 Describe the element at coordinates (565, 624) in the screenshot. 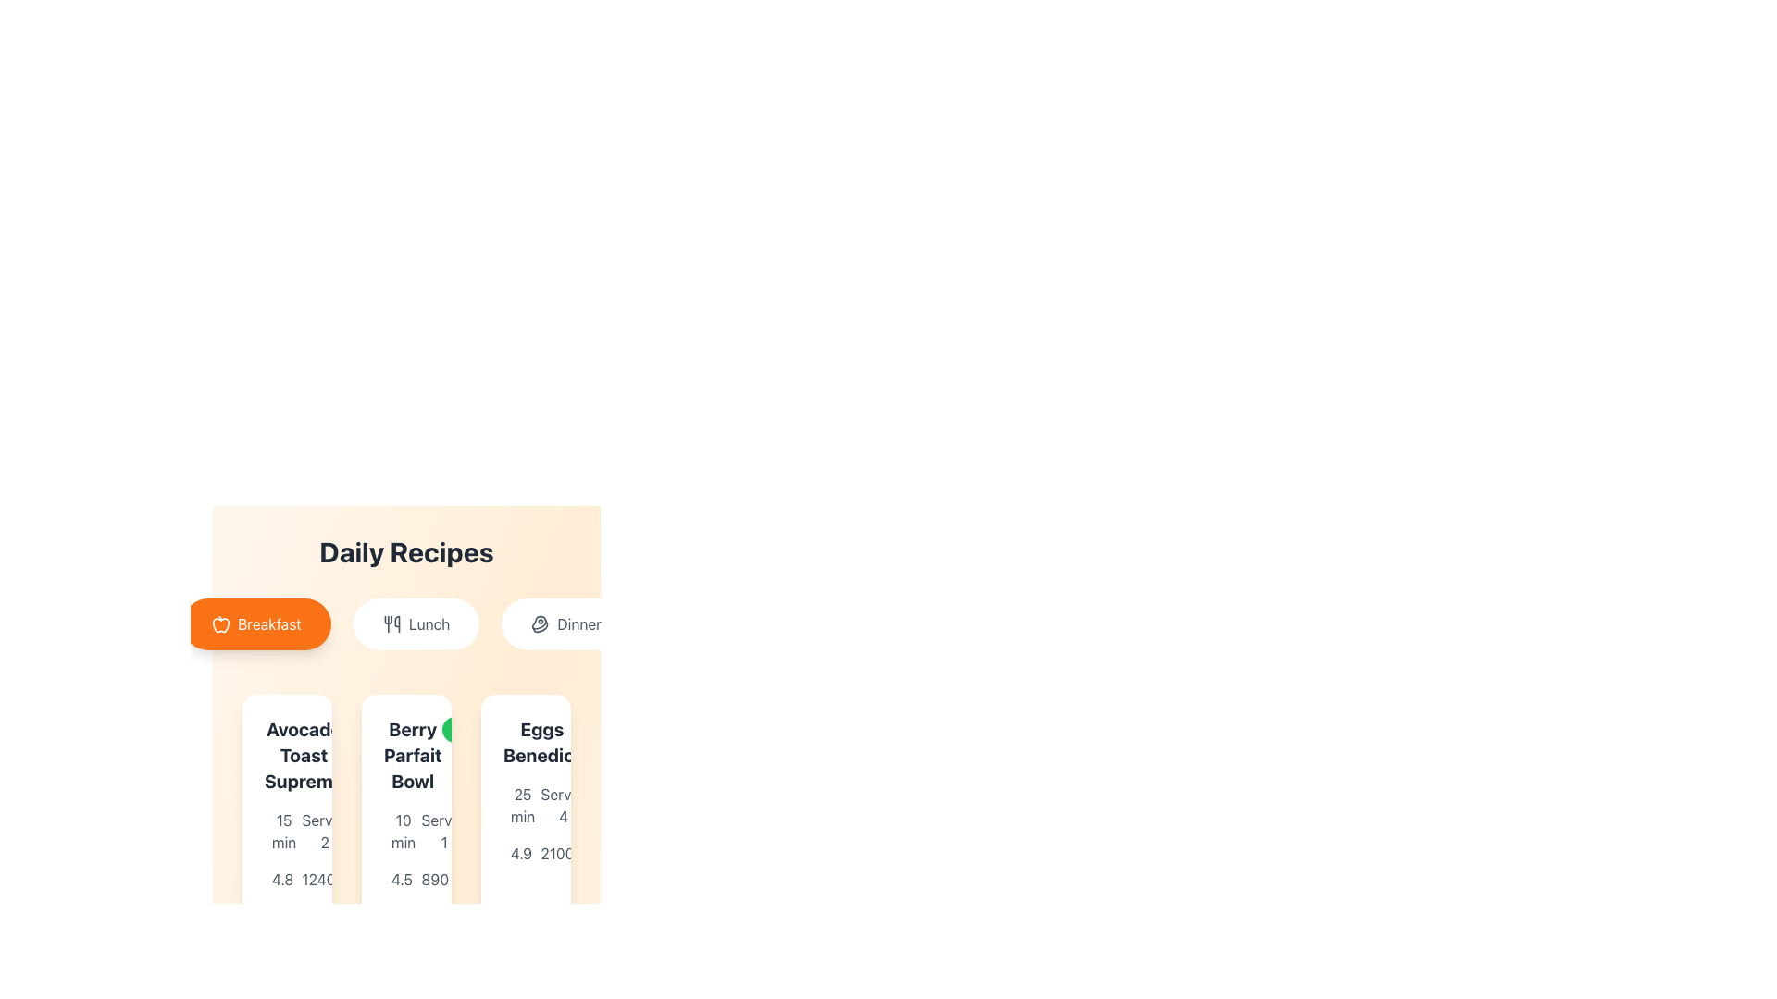

I see `the 'Dinner' button, which is the third button in a row of three horizontally aligned buttons` at that location.